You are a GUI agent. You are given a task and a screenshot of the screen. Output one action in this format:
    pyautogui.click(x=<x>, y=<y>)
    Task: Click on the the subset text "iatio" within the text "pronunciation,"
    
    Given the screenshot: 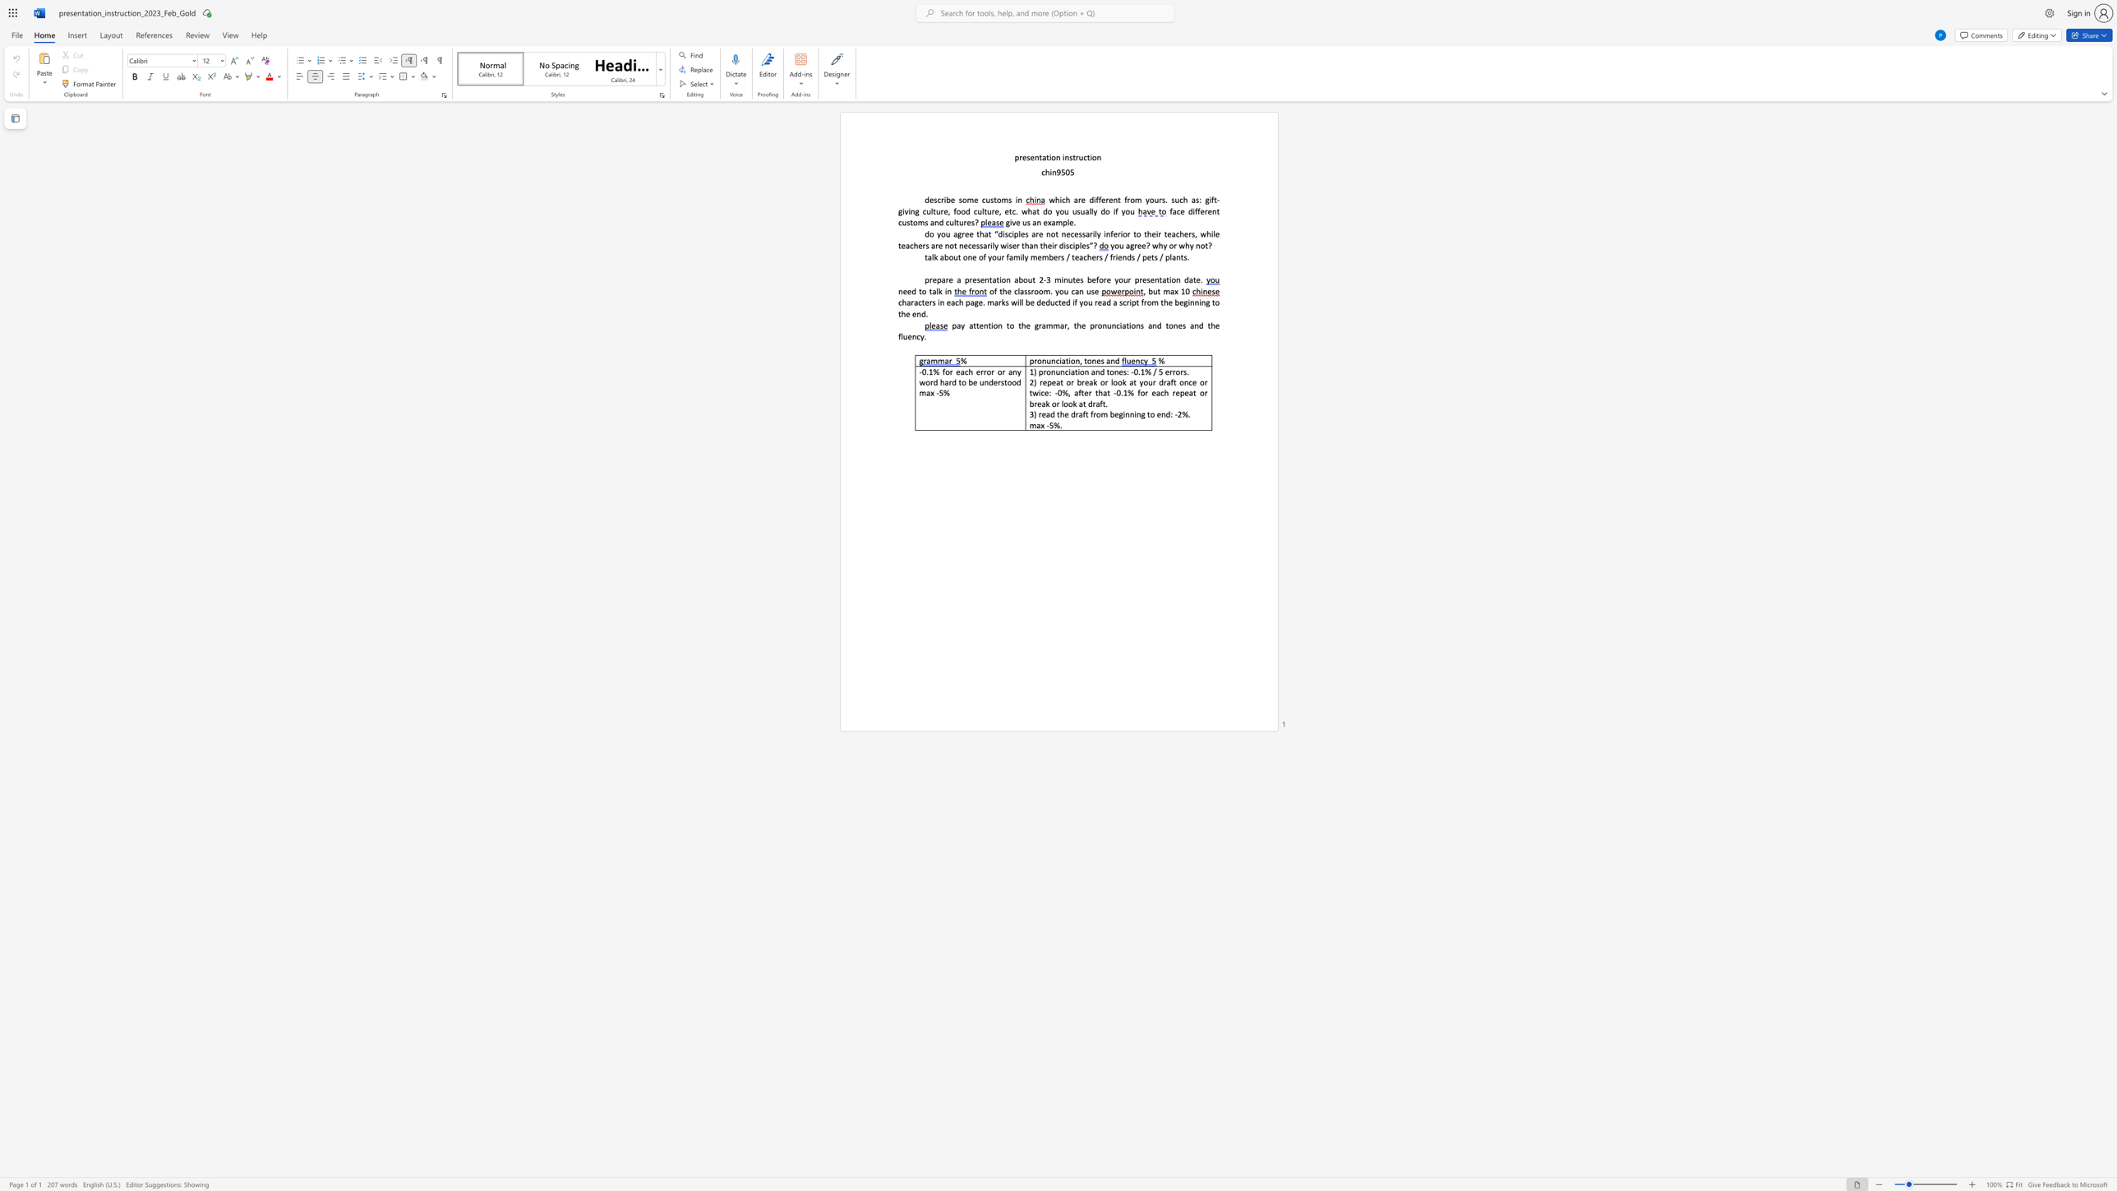 What is the action you would take?
    pyautogui.click(x=1058, y=361)
    